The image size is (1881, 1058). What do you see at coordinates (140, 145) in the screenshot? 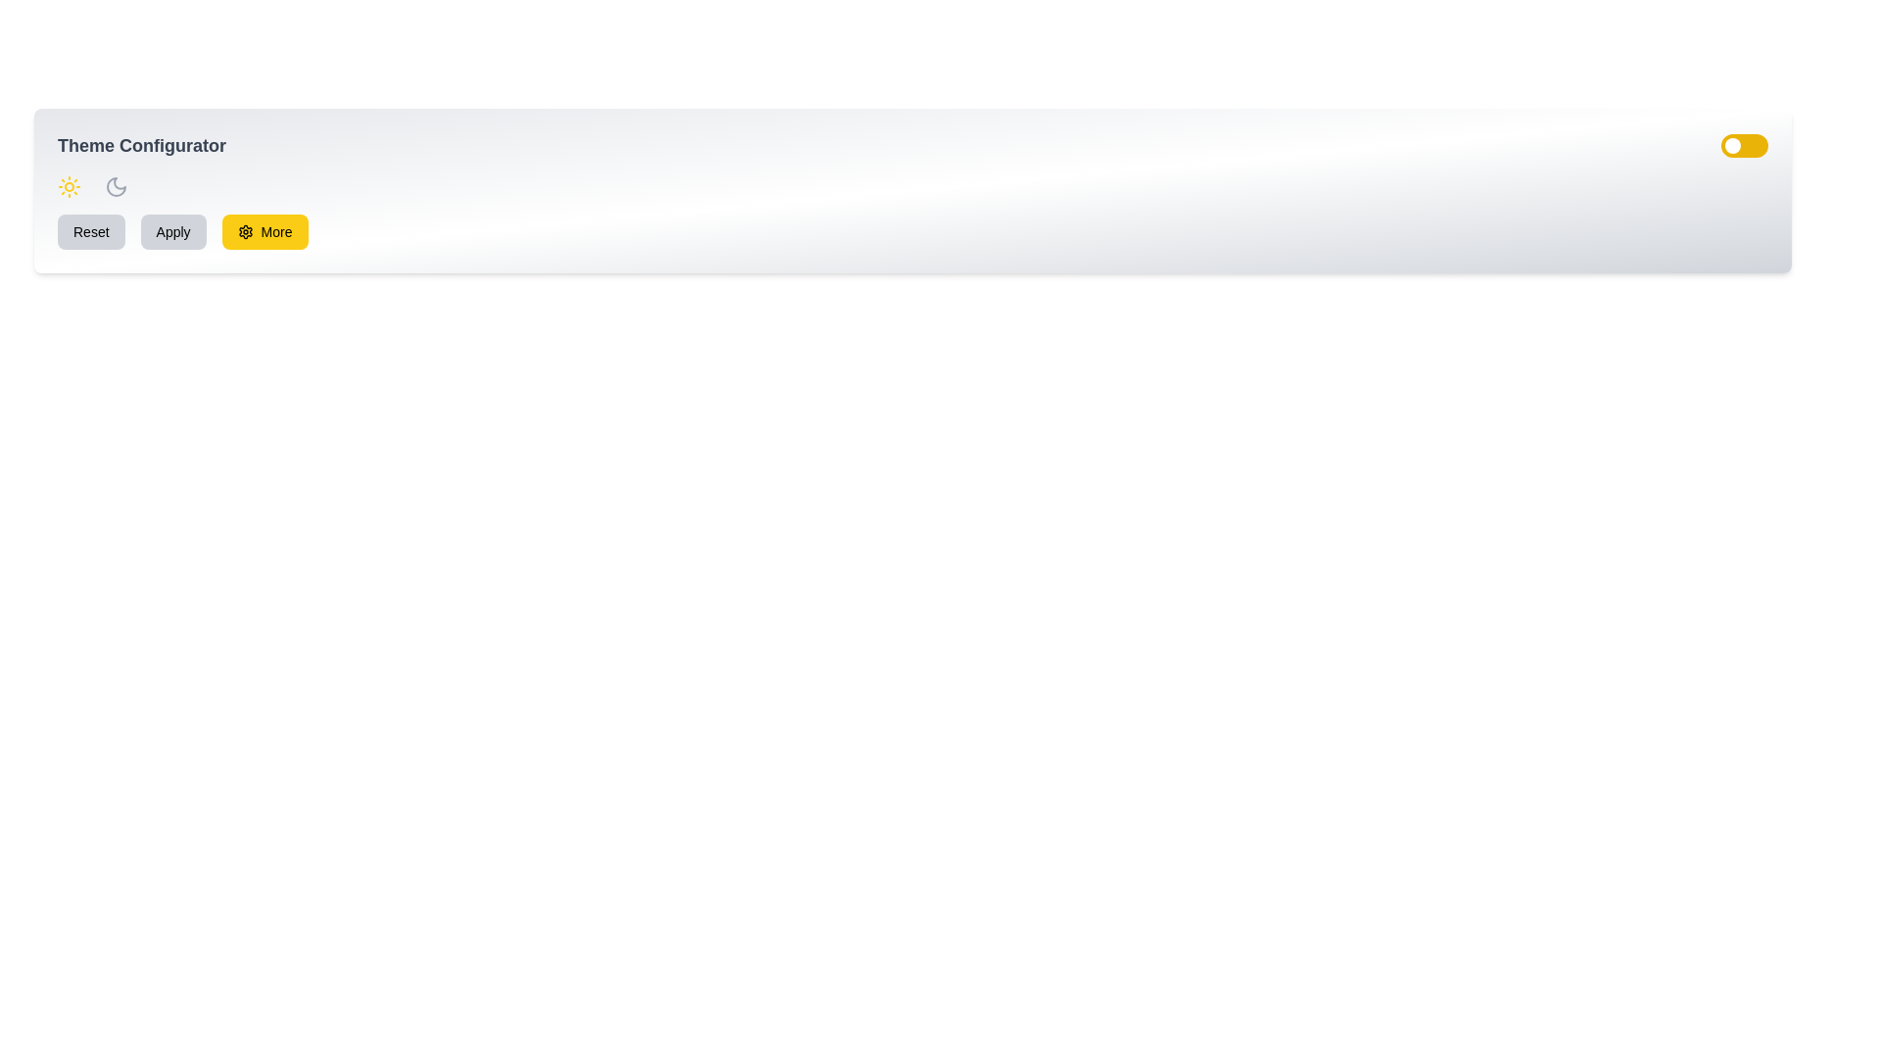
I see `the text label 'Theme Configurator', which is prominently displayed in bold, large font and aligned to the left near the top of the interface` at bounding box center [140, 145].